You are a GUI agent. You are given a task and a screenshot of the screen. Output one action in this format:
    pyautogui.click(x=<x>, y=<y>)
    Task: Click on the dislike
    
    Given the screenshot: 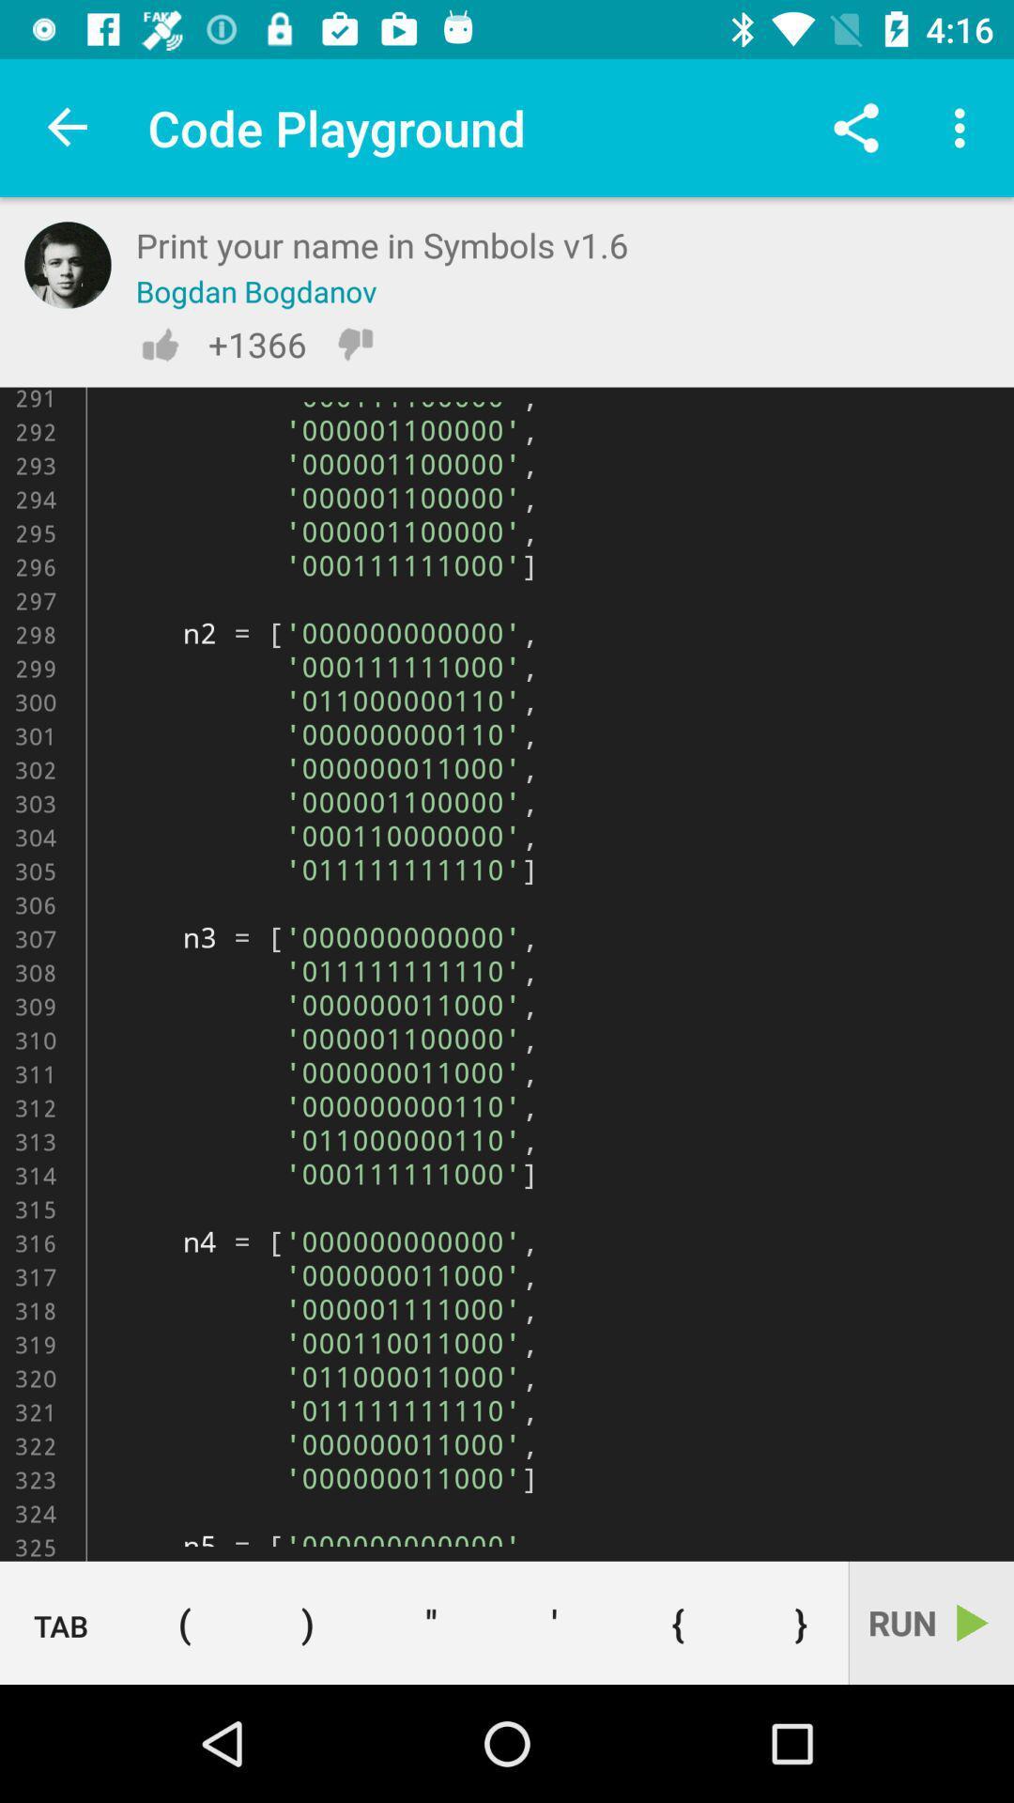 What is the action you would take?
    pyautogui.click(x=355, y=344)
    